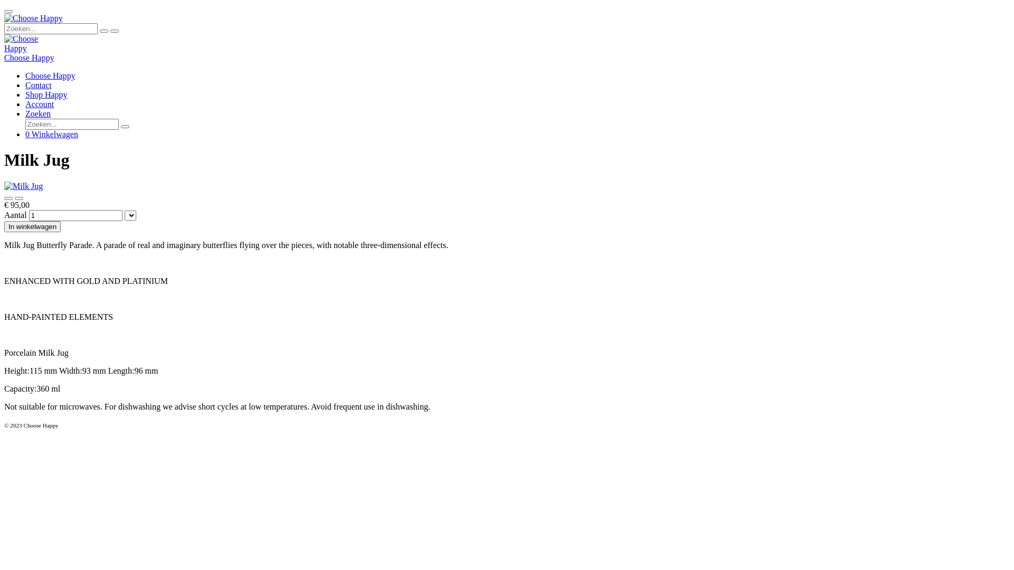  What do you see at coordinates (45, 94) in the screenshot?
I see `'Shop Happy'` at bounding box center [45, 94].